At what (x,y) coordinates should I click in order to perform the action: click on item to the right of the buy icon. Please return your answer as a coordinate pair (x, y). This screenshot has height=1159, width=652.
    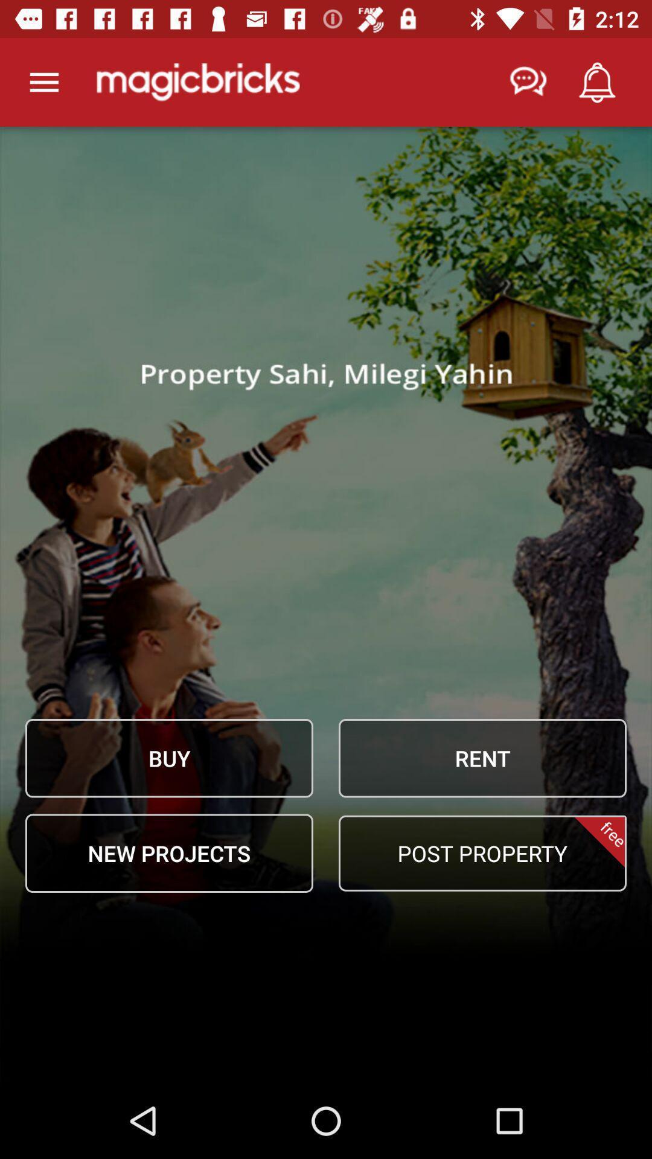
    Looking at the image, I should click on (482, 758).